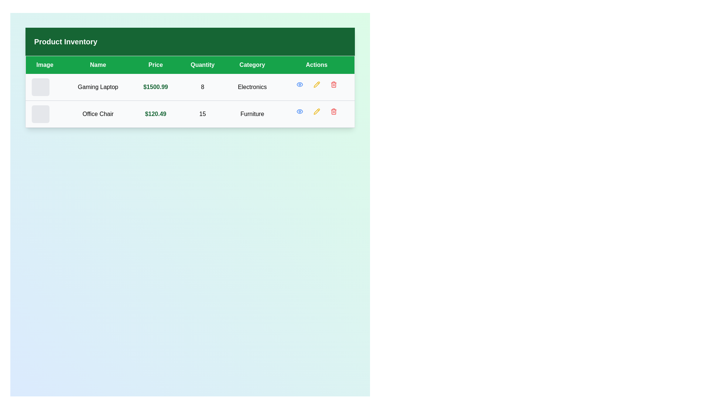 The width and height of the screenshot is (709, 399). Describe the element at coordinates (202, 114) in the screenshot. I see `the text label displaying the quantity of 'Office Chair' in the 'Product Inventory' table, located in the 'Quantity' column of the second row` at that location.